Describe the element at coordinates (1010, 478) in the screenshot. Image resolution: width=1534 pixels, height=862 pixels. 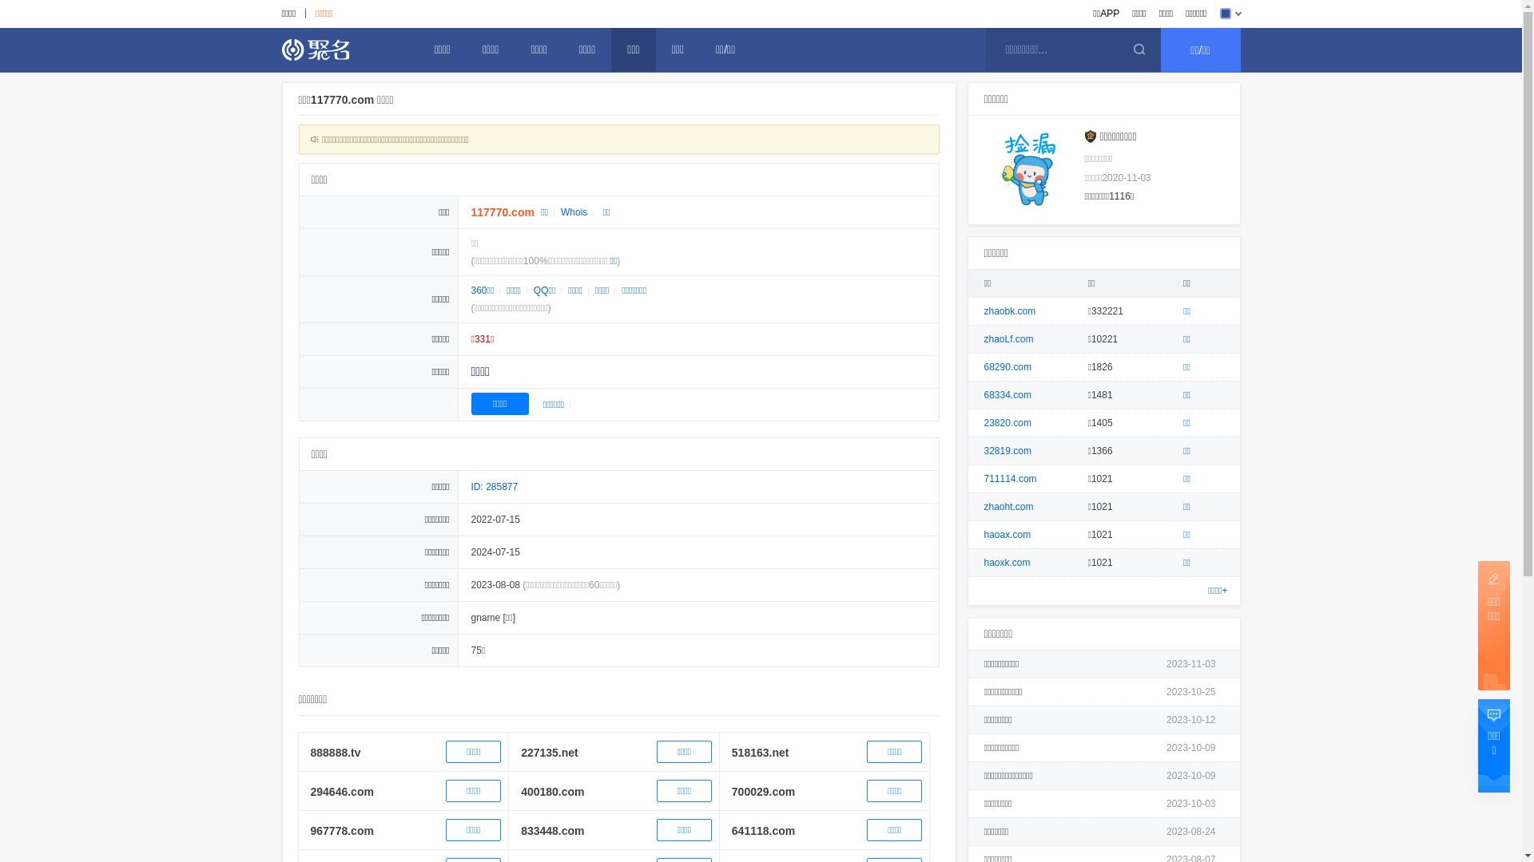
I see `'711114.com'` at that location.